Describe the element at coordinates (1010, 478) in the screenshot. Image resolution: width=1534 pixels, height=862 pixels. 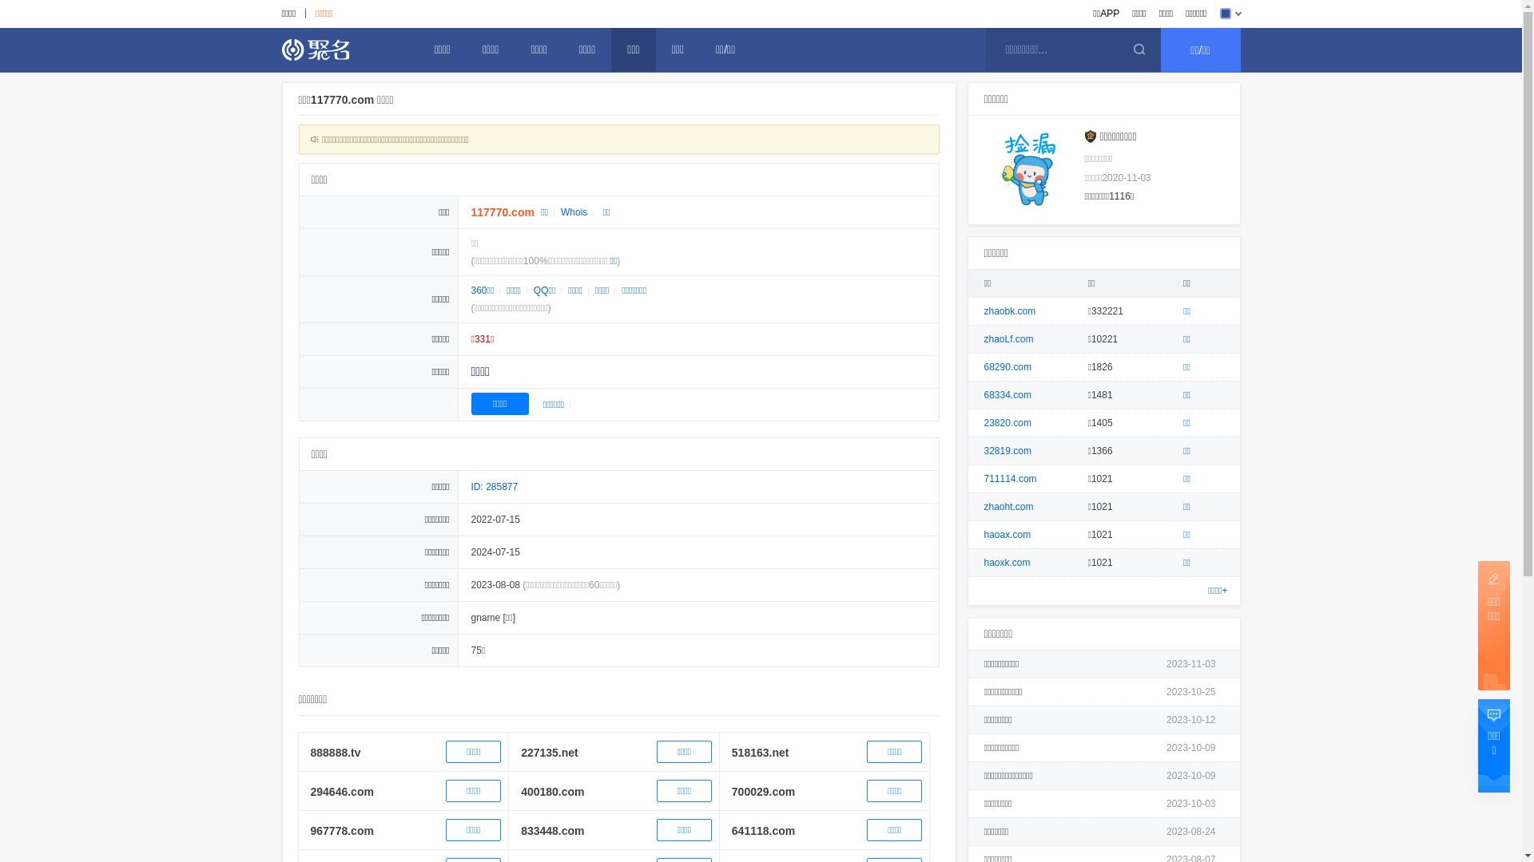
I see `'711114.com'` at that location.